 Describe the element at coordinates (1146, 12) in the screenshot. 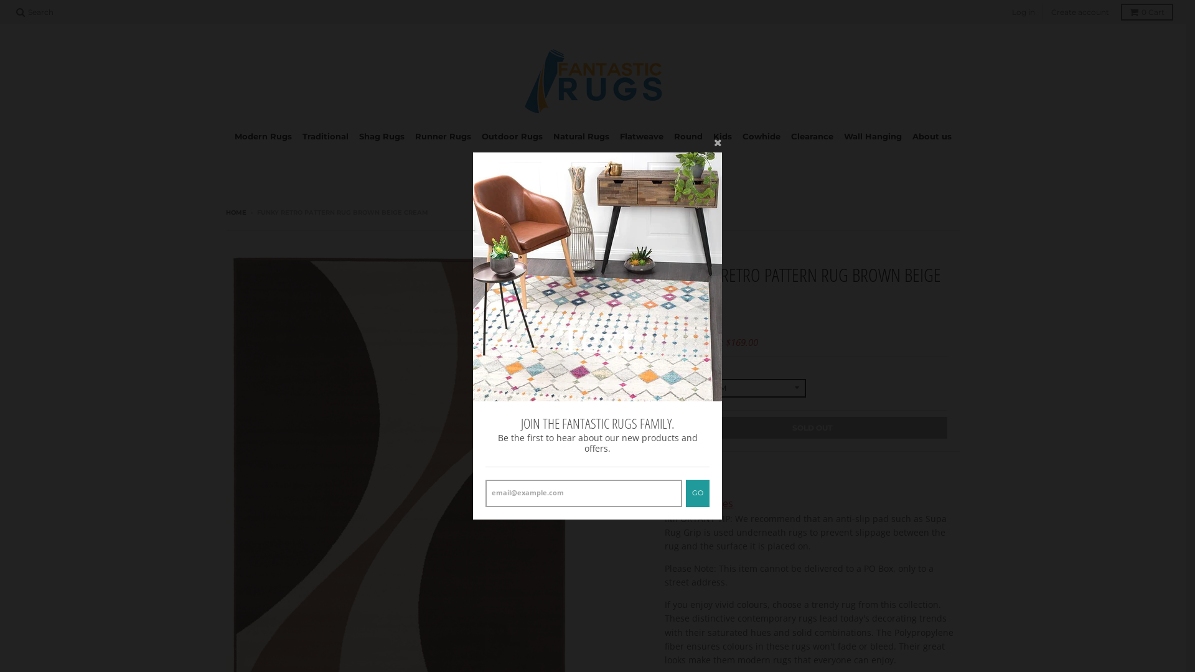

I see `'0 Cart'` at that location.